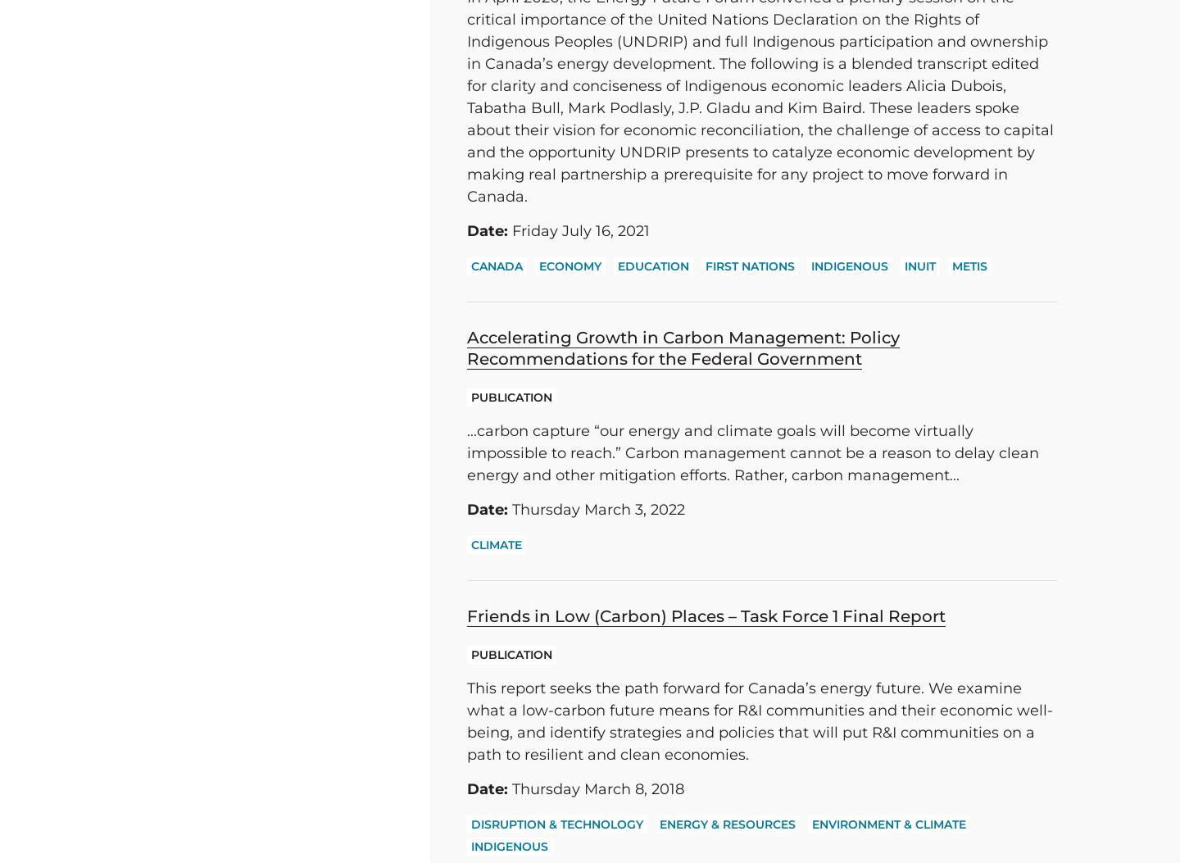 The height and width of the screenshot is (863, 1180). What do you see at coordinates (507, 510) in the screenshot?
I see `'Thursday March 3, 2022'` at bounding box center [507, 510].